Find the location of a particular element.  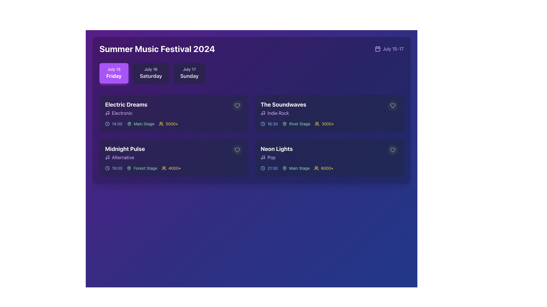

the text block displaying the name 'The Soundwaves' and genre 'Indie Rock' located in the top-right card of the grid, to interact with its interactive features is located at coordinates (283, 108).